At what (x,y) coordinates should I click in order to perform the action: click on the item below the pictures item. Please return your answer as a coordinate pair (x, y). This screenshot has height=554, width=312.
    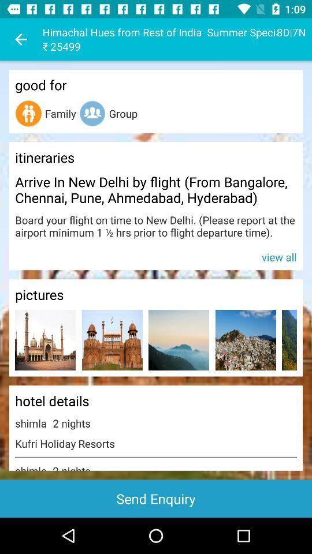
    Looking at the image, I should click on (179, 340).